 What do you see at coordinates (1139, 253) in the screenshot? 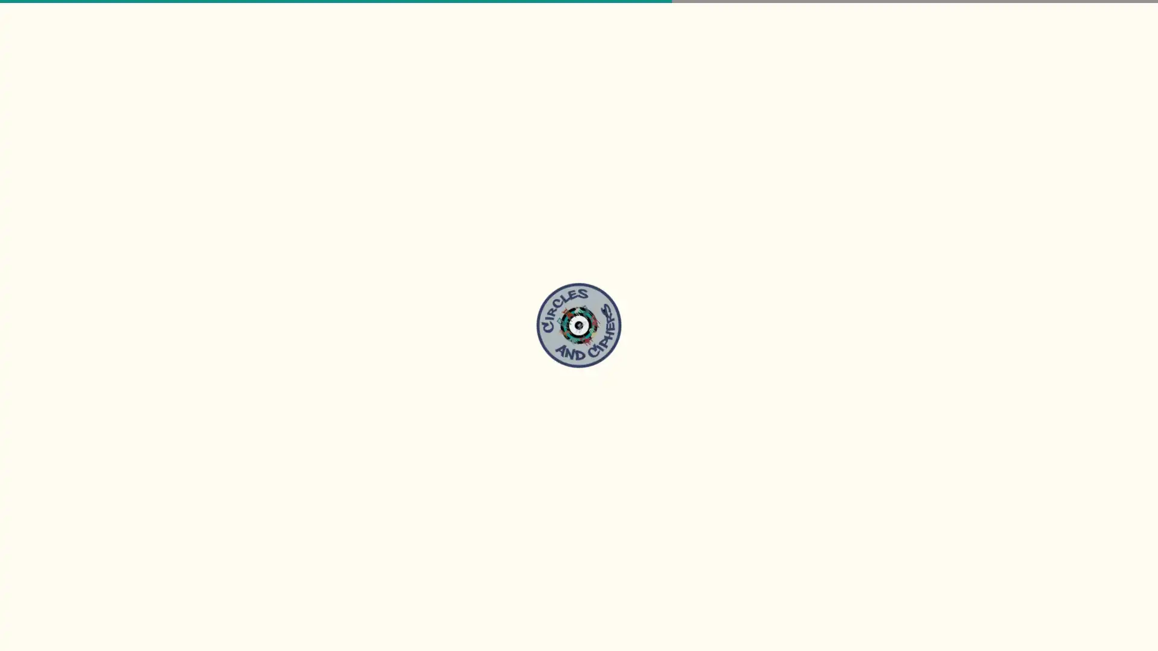
I see `next arrow` at bounding box center [1139, 253].